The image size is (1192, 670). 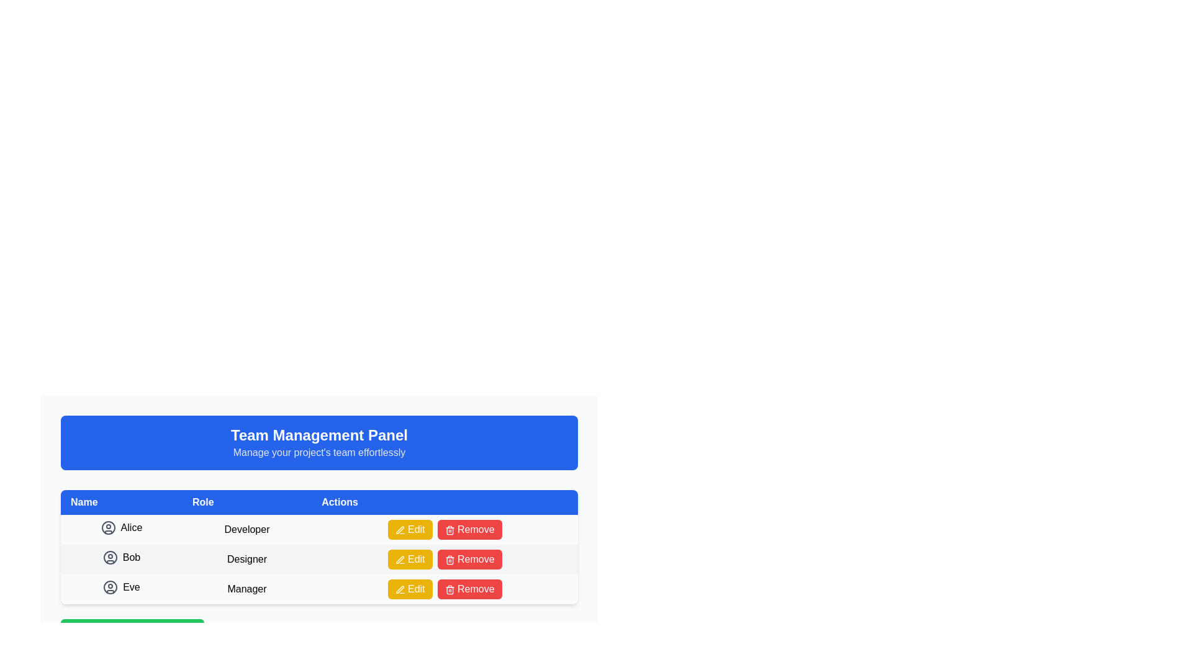 I want to click on the pen icon within the Edit button, which has a yellow background and white text, located in the Actions column of the third row of the Team Management Panel, so click(x=400, y=589).